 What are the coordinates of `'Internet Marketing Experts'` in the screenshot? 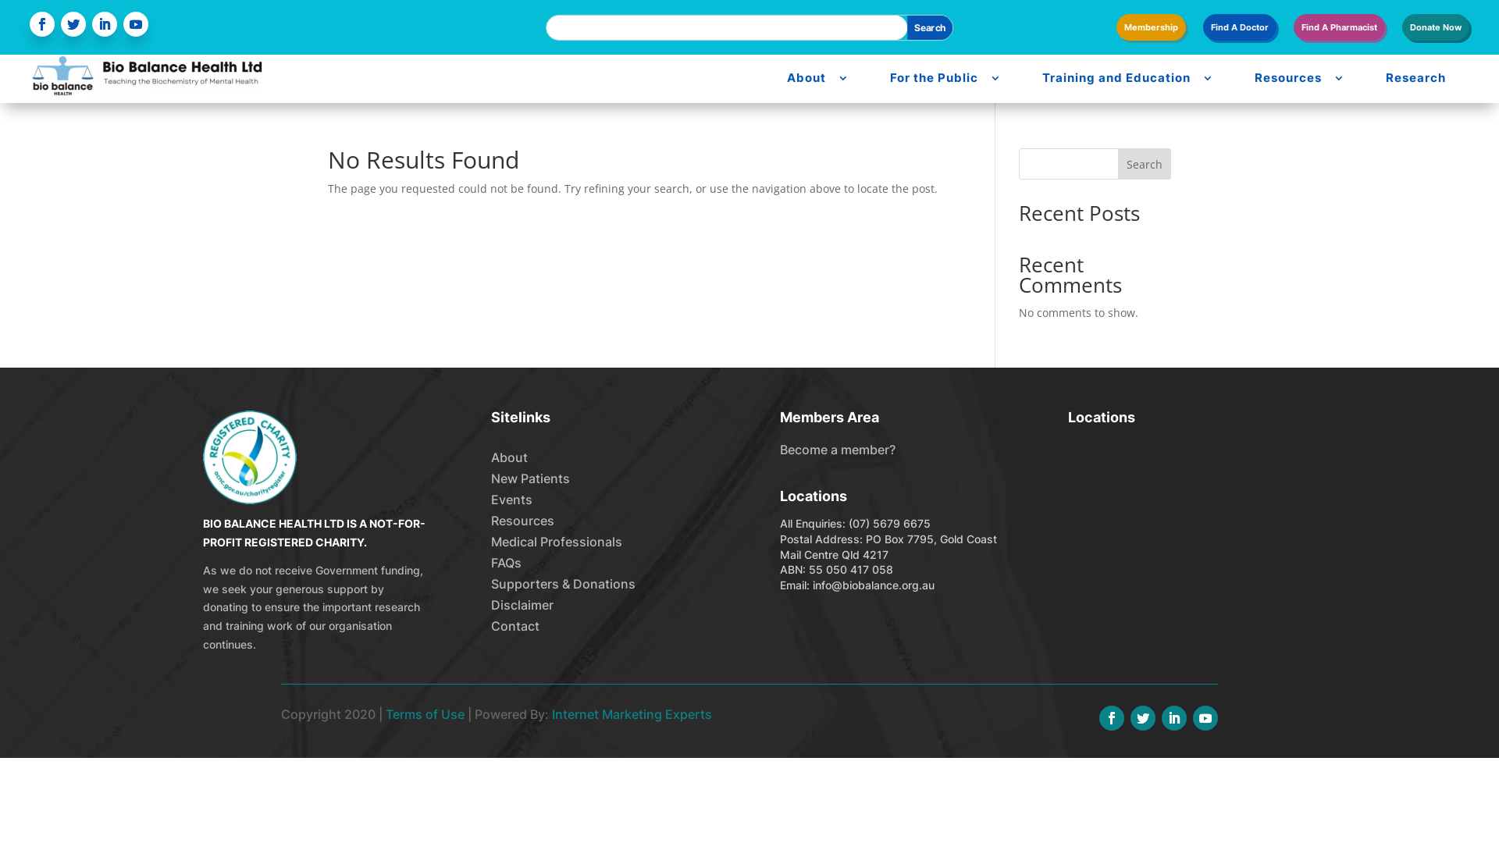 It's located at (632, 713).